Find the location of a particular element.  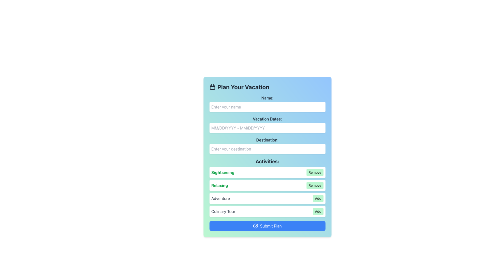

the 'Remove' button, which is styled with a small font size, a green background, and is located to the right of the 'Sightseeing' label in the Activities section is located at coordinates (314, 172).